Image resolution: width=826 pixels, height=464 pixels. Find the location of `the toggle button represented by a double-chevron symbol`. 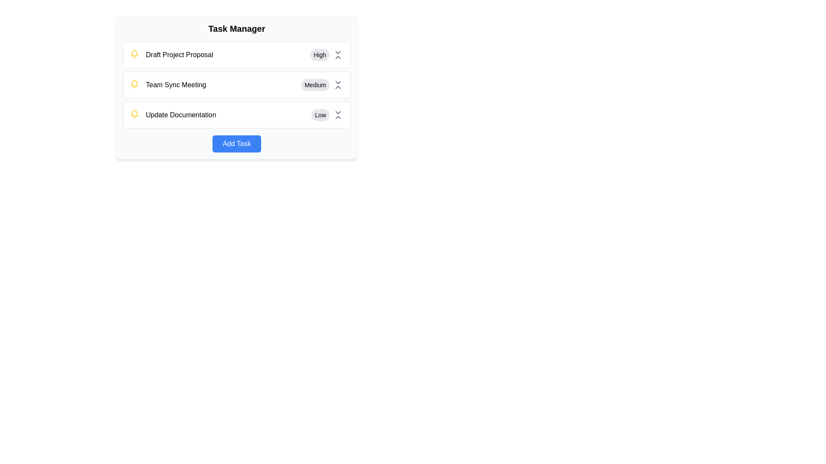

the toggle button represented by a double-chevron symbol is located at coordinates (338, 85).